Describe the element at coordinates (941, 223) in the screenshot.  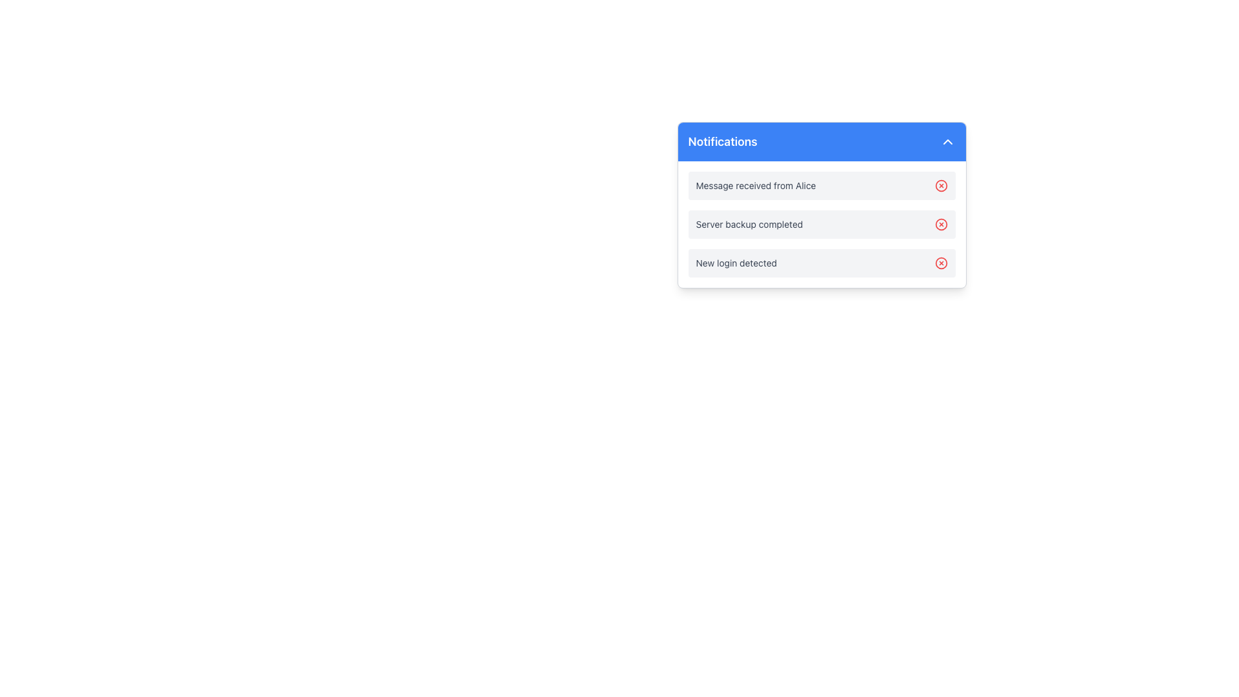
I see `the dismiss button for the second notification labeled 'Server backup completed'` at that location.